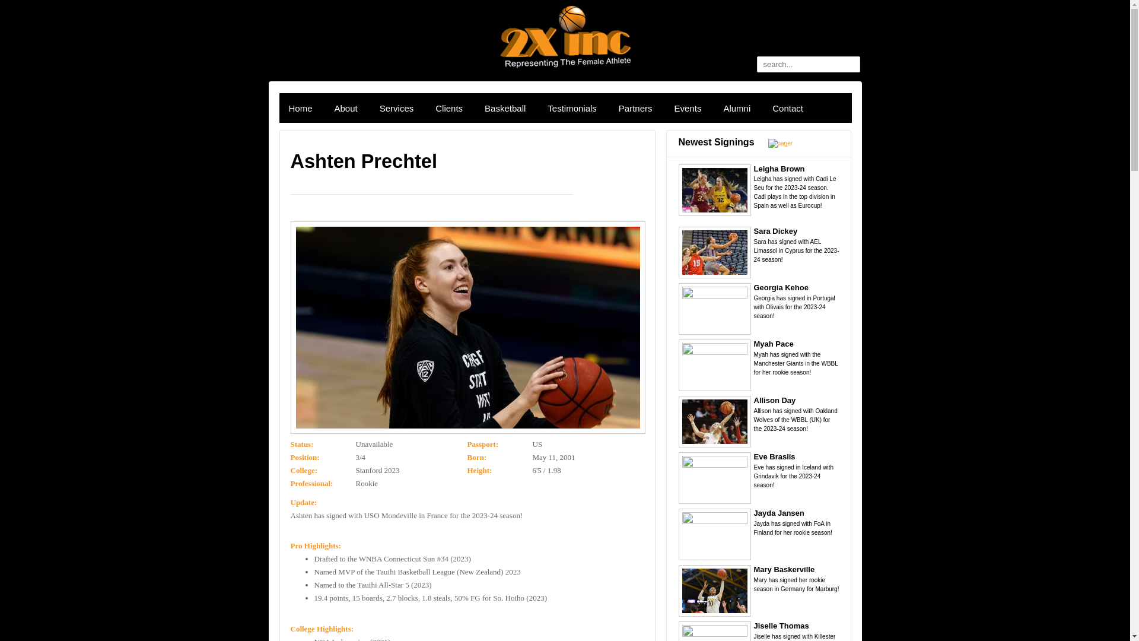  I want to click on 'About', so click(345, 108).